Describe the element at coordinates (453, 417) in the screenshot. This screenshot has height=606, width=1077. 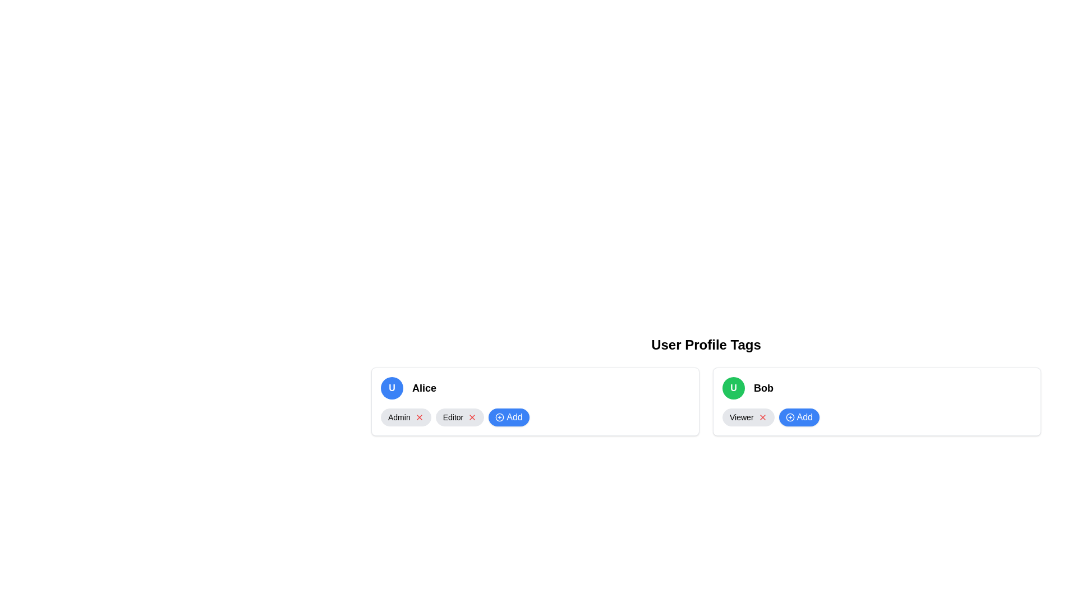
I see `the text label indicating 'Editor' on Alice's profile card, positioned in the center-right of the card` at that location.